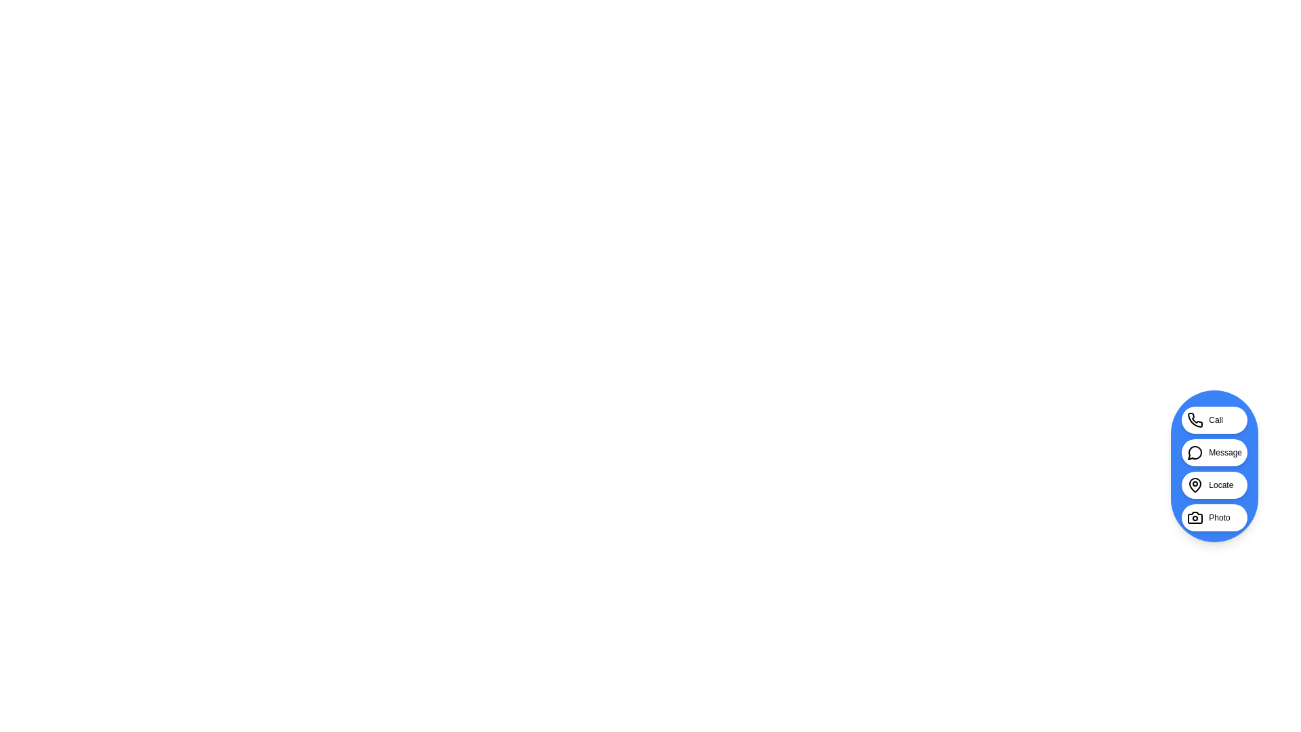 The image size is (1301, 732). Describe the element at coordinates (1214, 517) in the screenshot. I see `the 'Photo' button in the speed dial` at that location.